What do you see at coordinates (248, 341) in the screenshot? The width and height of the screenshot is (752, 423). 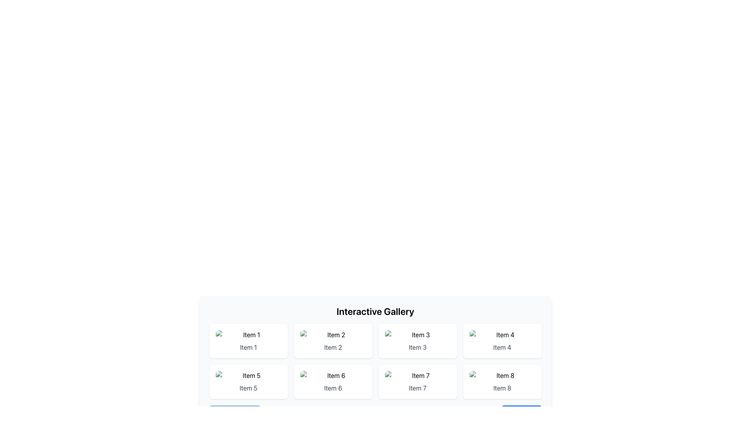 I see `the Static display card representing 'Item 1', which is located at the top-left of a 4-column grid layout` at bounding box center [248, 341].